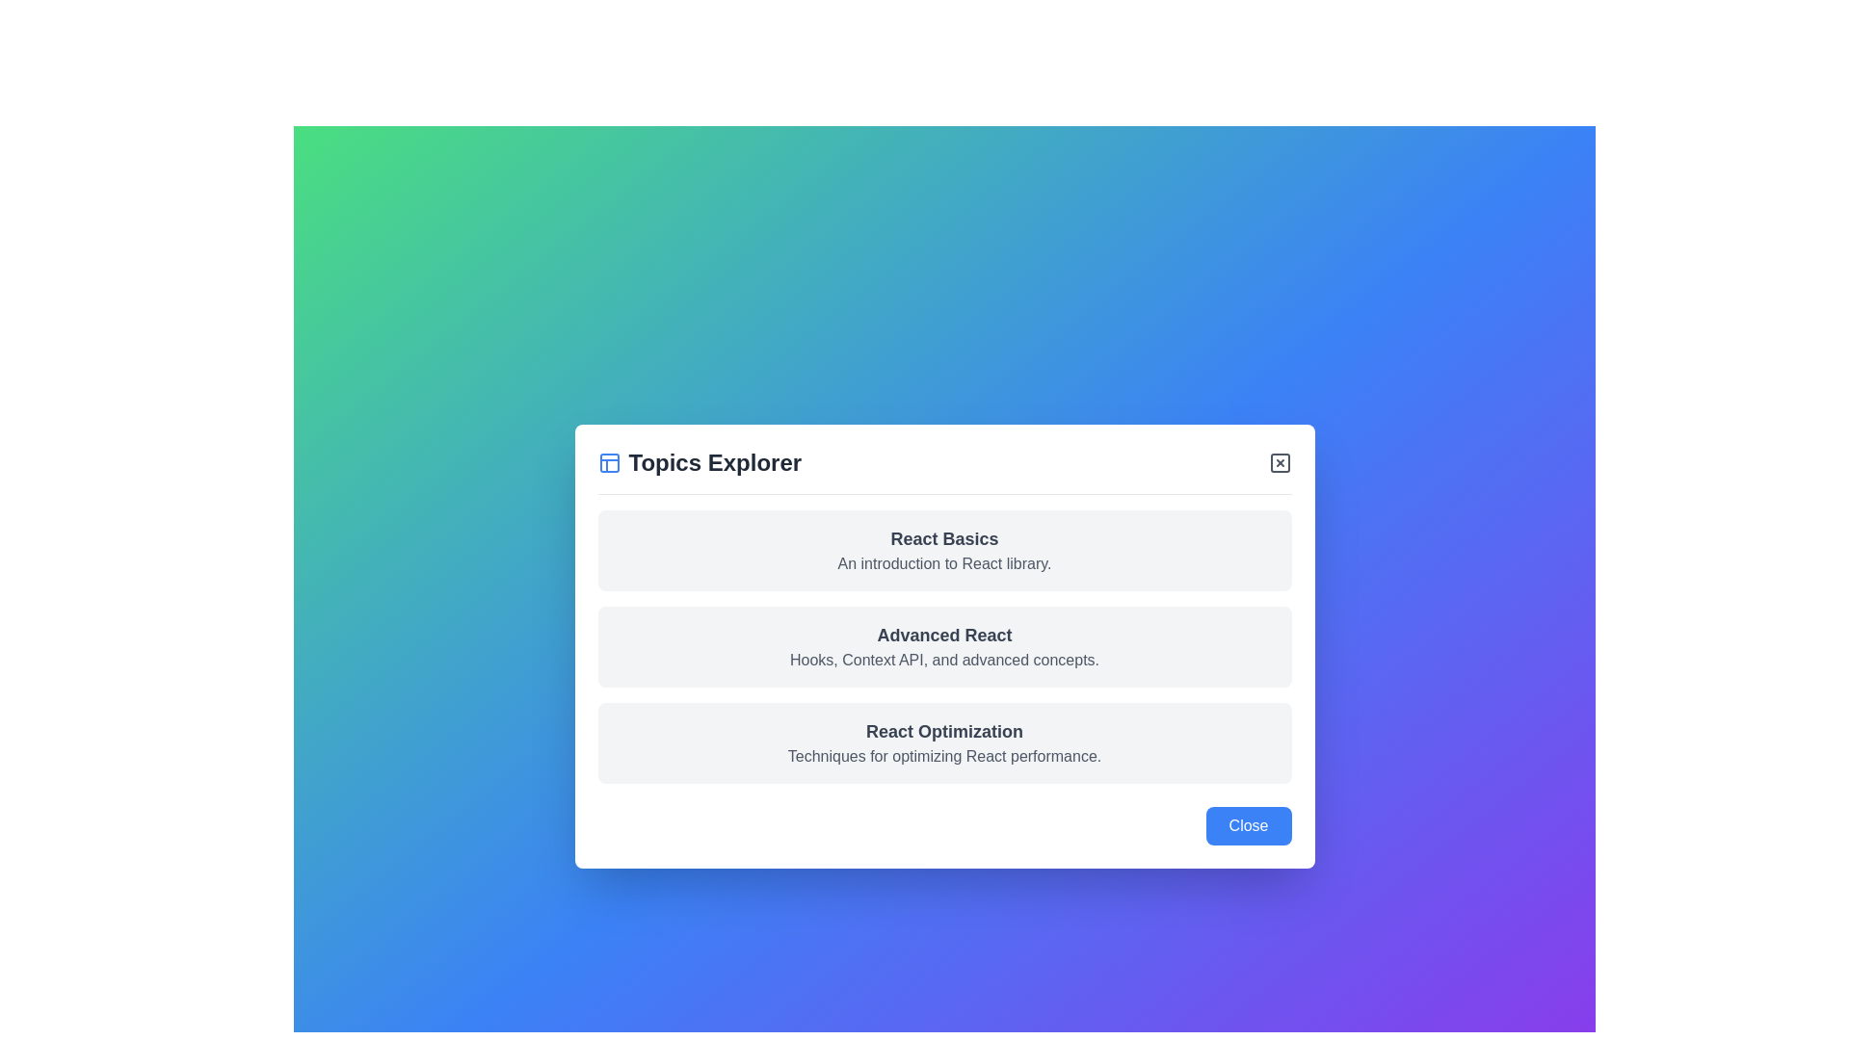 The height and width of the screenshot is (1040, 1850). I want to click on the Informational card titled 'Advanced React' which is the second card in the Topics Explorer section, located below 'React Basics' and above 'React Optimization', so click(944, 646).